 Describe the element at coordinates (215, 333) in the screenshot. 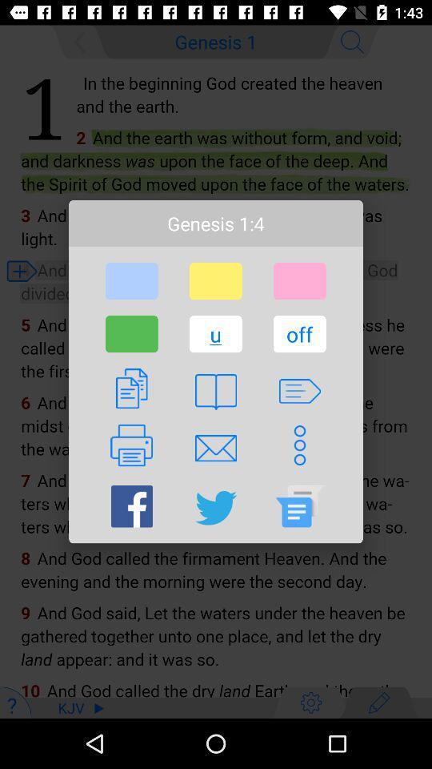

I see `button to the left of the off` at that location.